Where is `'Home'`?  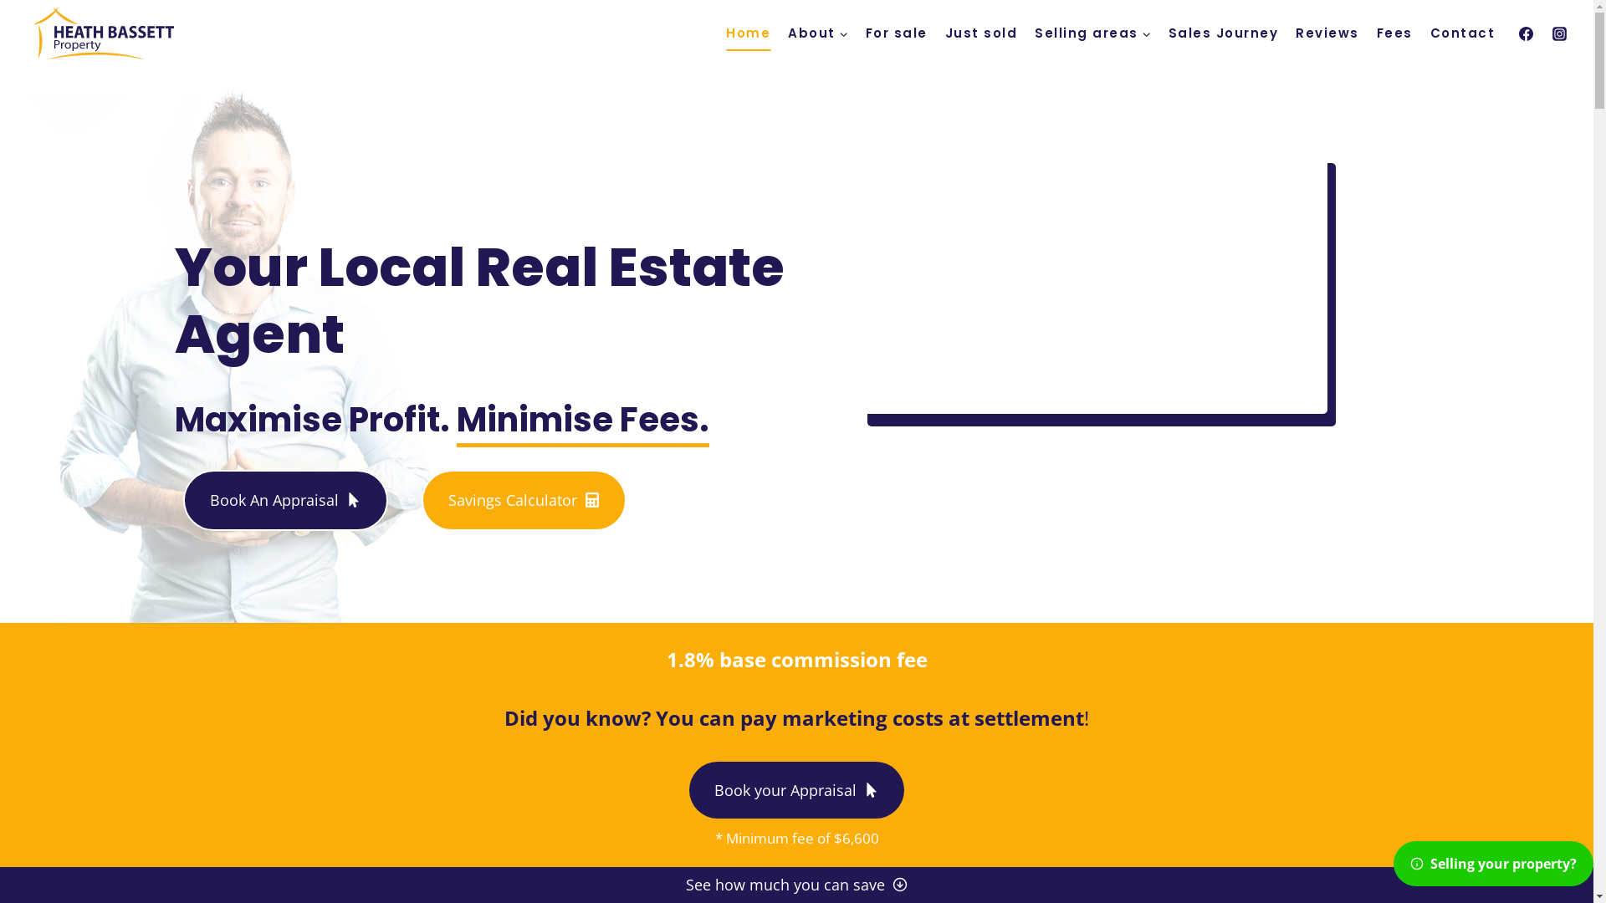 'Home' is located at coordinates (718, 33).